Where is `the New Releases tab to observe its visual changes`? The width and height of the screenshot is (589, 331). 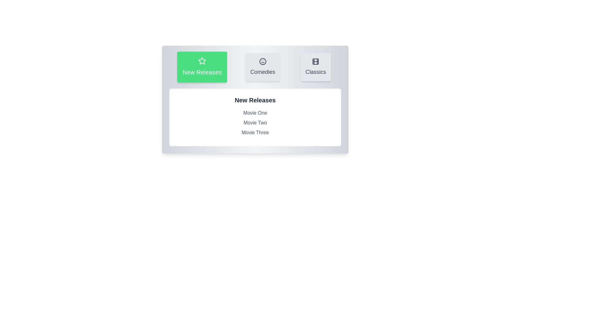
the New Releases tab to observe its visual changes is located at coordinates (202, 67).